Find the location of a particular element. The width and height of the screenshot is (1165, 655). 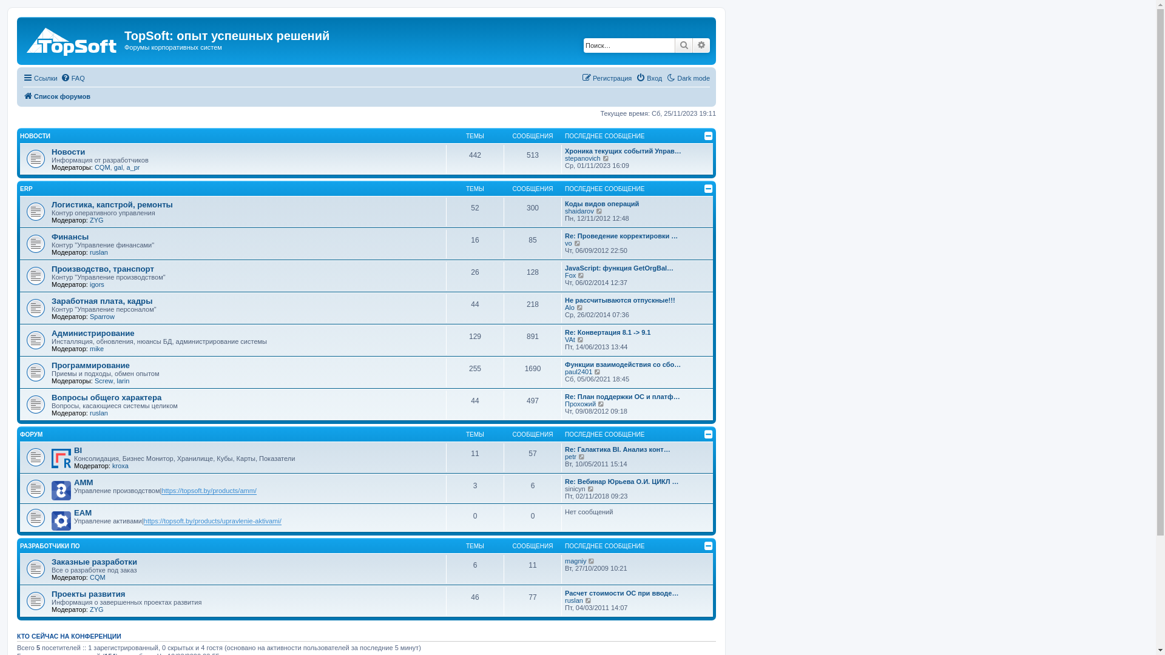

'https://topsoft.by/products/amm/' is located at coordinates (209, 490).